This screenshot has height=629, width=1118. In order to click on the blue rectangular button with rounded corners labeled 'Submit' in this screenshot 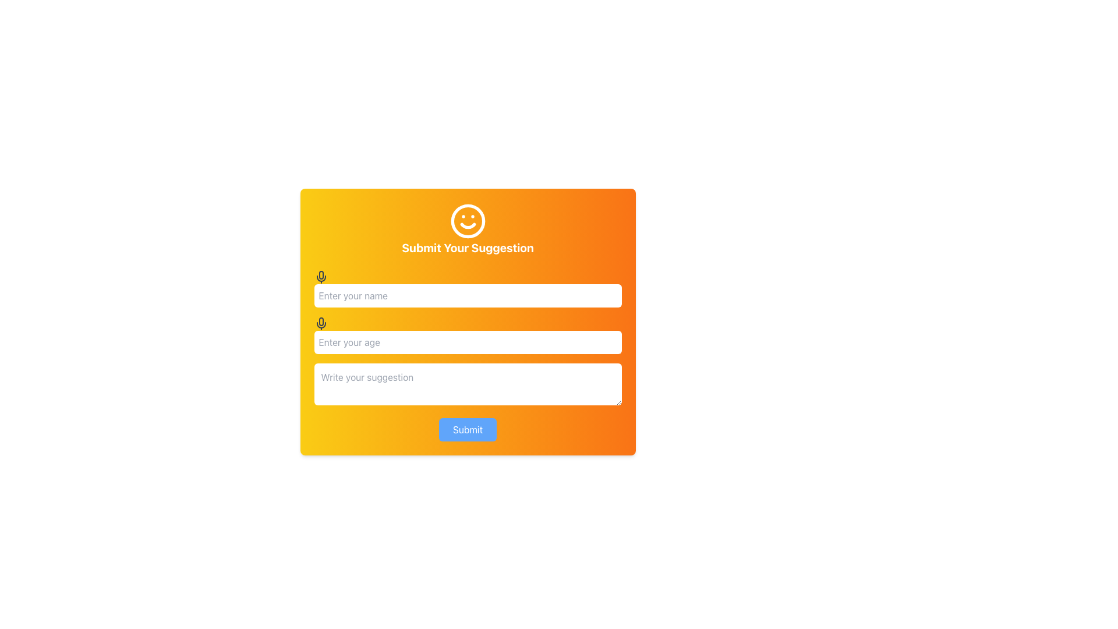, I will do `click(468, 429)`.